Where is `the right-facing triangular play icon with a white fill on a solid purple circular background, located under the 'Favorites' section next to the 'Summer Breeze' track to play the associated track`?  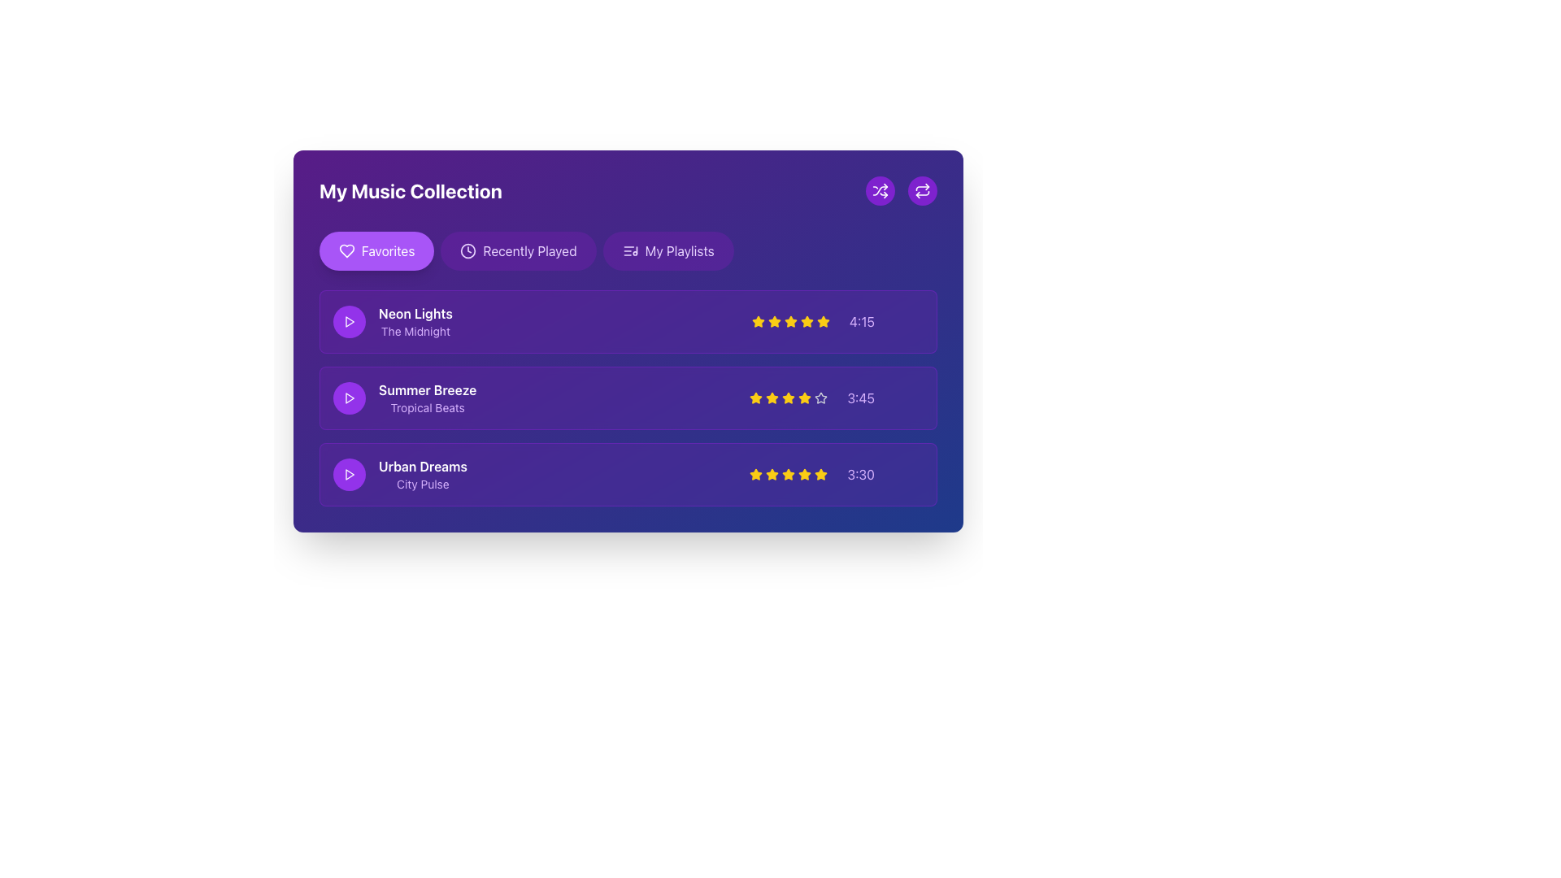 the right-facing triangular play icon with a white fill on a solid purple circular background, located under the 'Favorites' section next to the 'Summer Breeze' track to play the associated track is located at coordinates (349, 398).